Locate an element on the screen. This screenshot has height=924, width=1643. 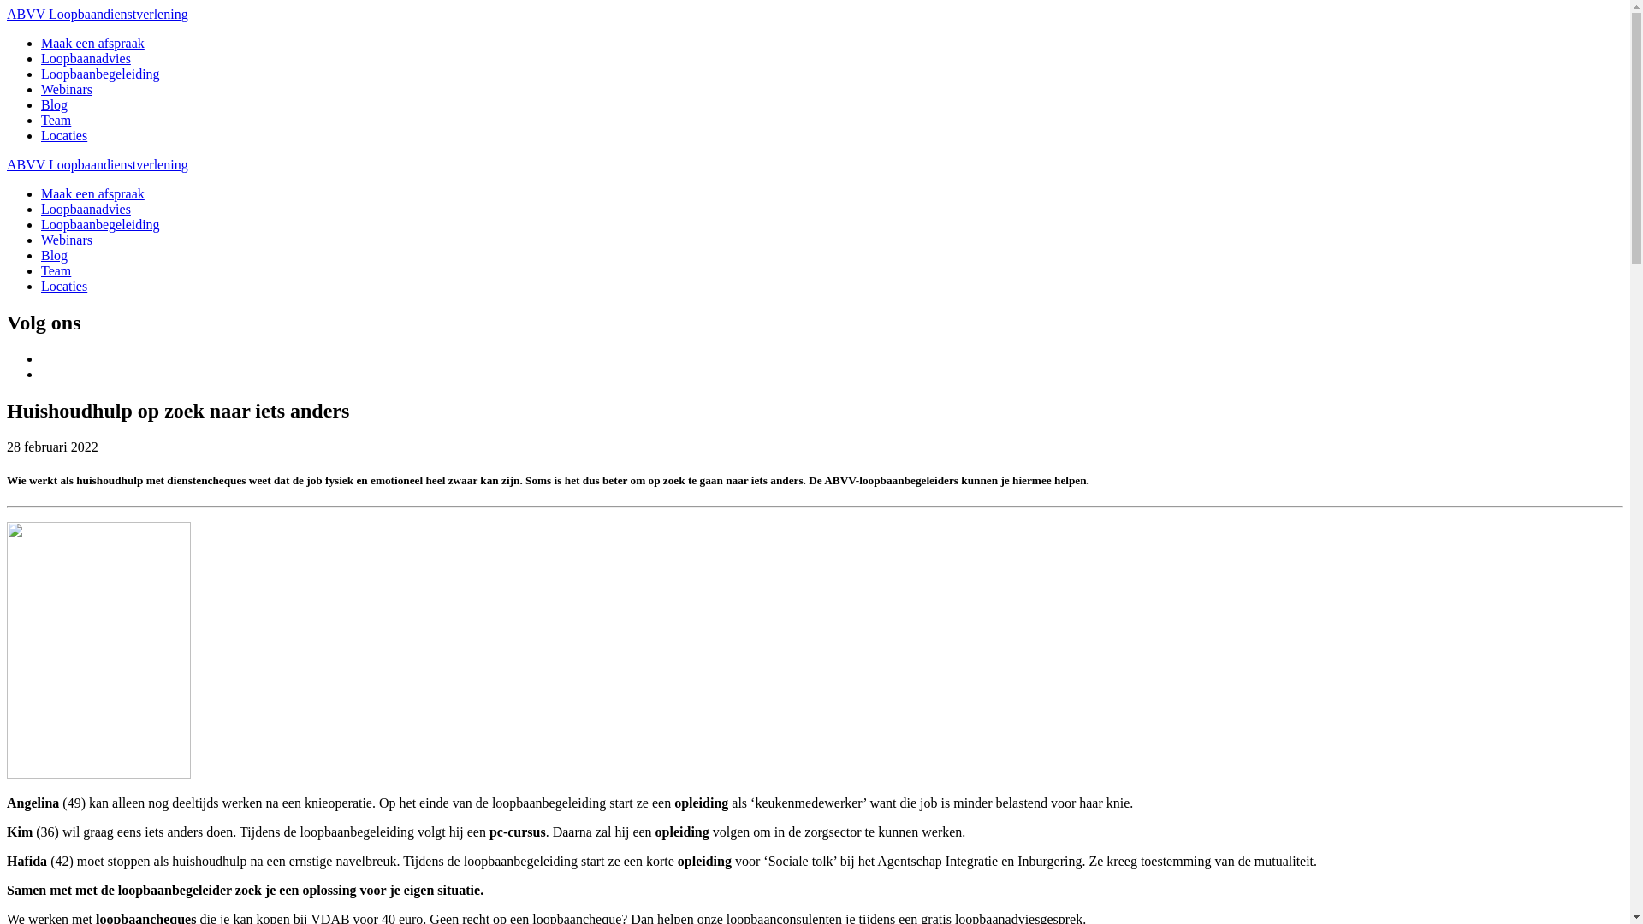
'ABVV Loopbaandienstverlening' is located at coordinates (97, 164).